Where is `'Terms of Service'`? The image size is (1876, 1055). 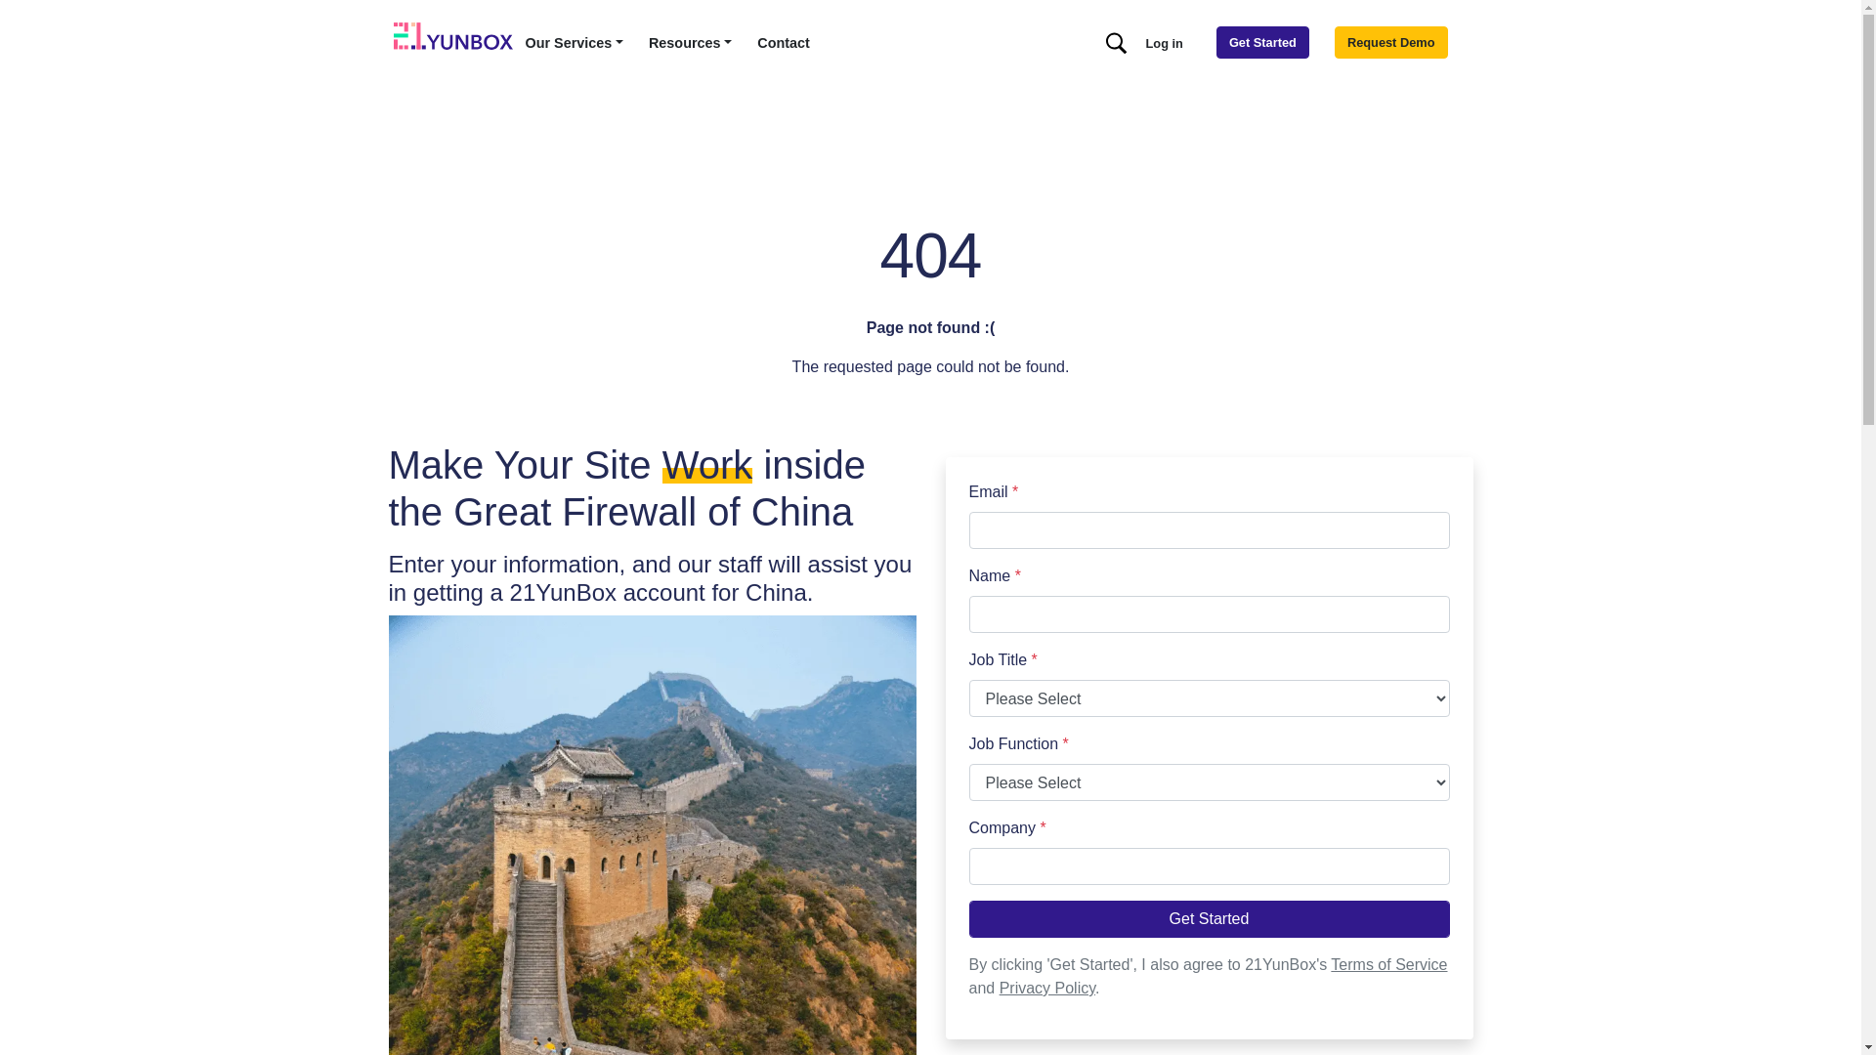
'Terms of Service' is located at coordinates (1387, 963).